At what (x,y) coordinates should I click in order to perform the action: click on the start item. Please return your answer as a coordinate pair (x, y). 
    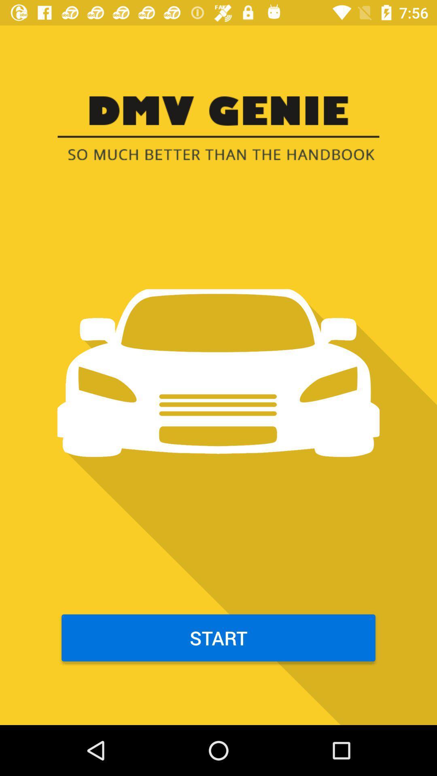
    Looking at the image, I should click on (218, 637).